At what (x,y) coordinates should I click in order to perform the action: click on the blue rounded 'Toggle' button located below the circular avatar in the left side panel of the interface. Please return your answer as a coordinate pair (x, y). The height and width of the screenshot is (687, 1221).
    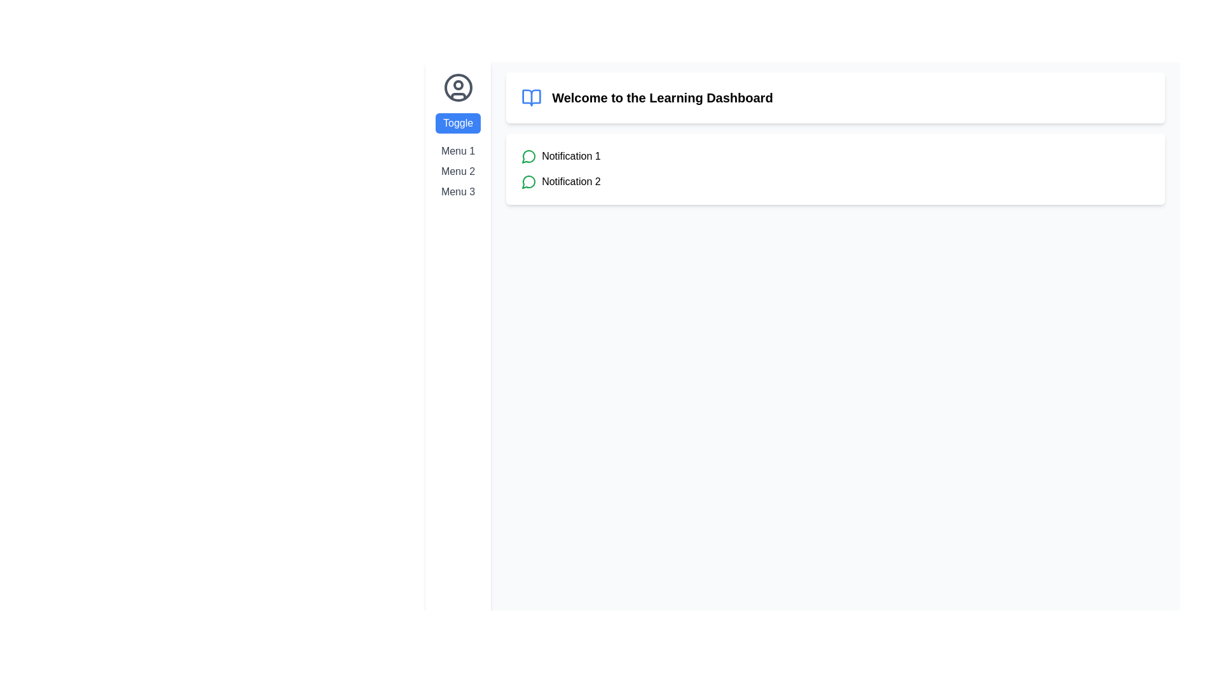
    Looking at the image, I should click on (458, 135).